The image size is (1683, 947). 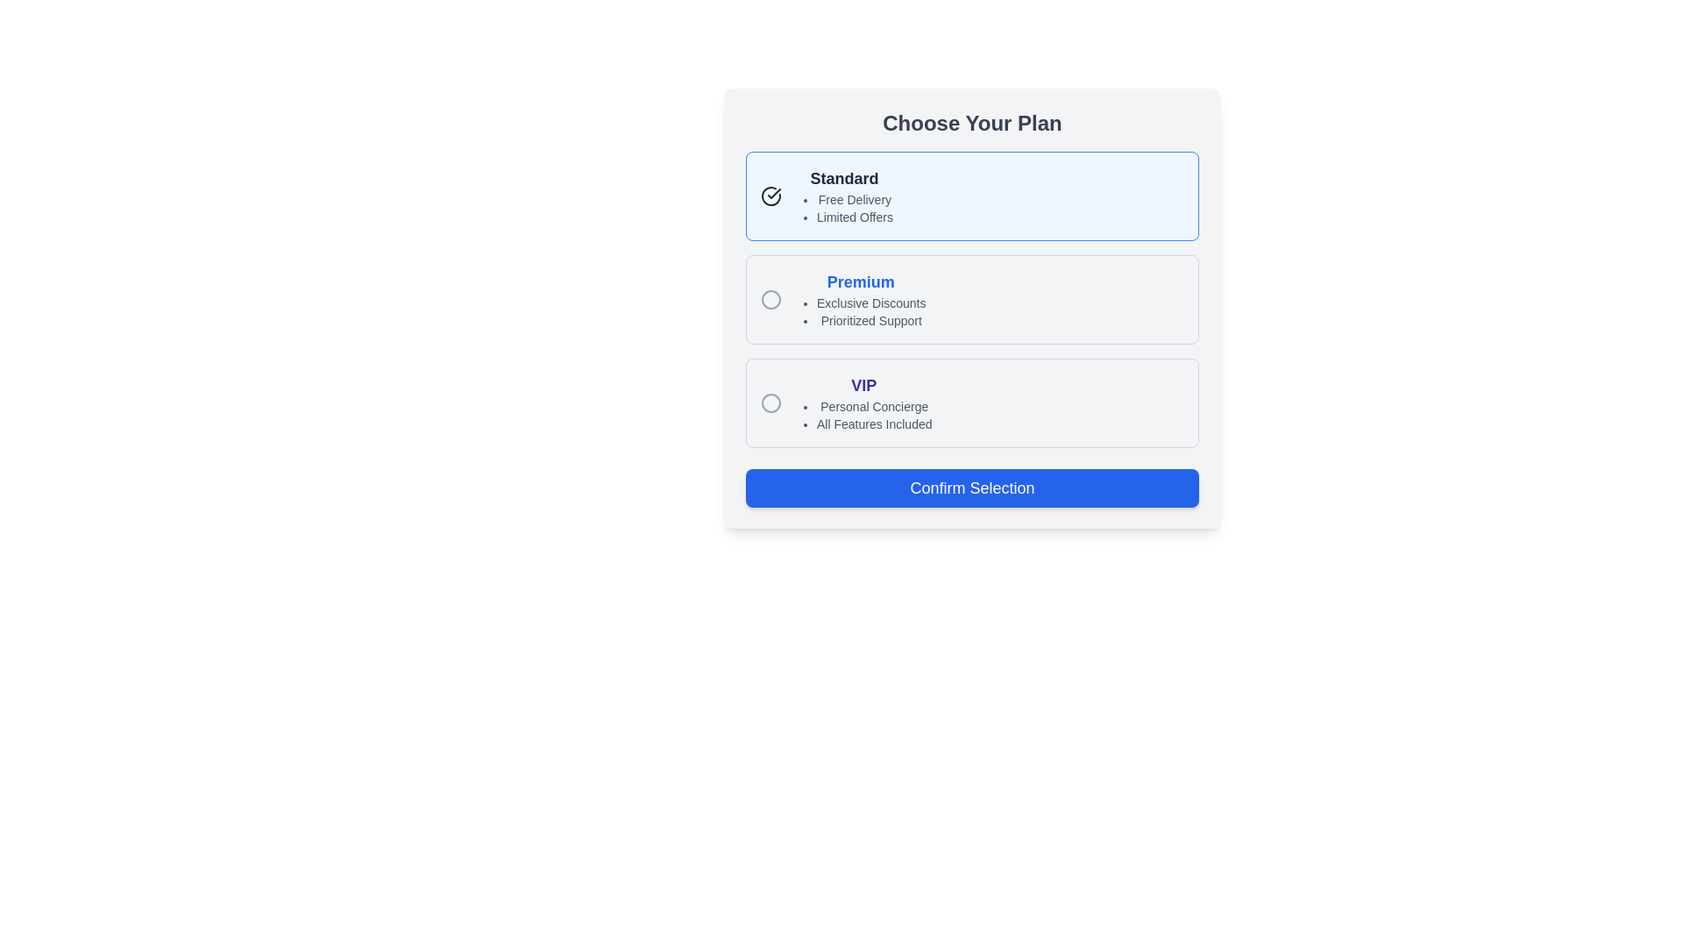 What do you see at coordinates (861, 281) in the screenshot?
I see `the 'Premium' plan title text label in the plan selection interface, which serves as a visual anchor for its associated details` at bounding box center [861, 281].